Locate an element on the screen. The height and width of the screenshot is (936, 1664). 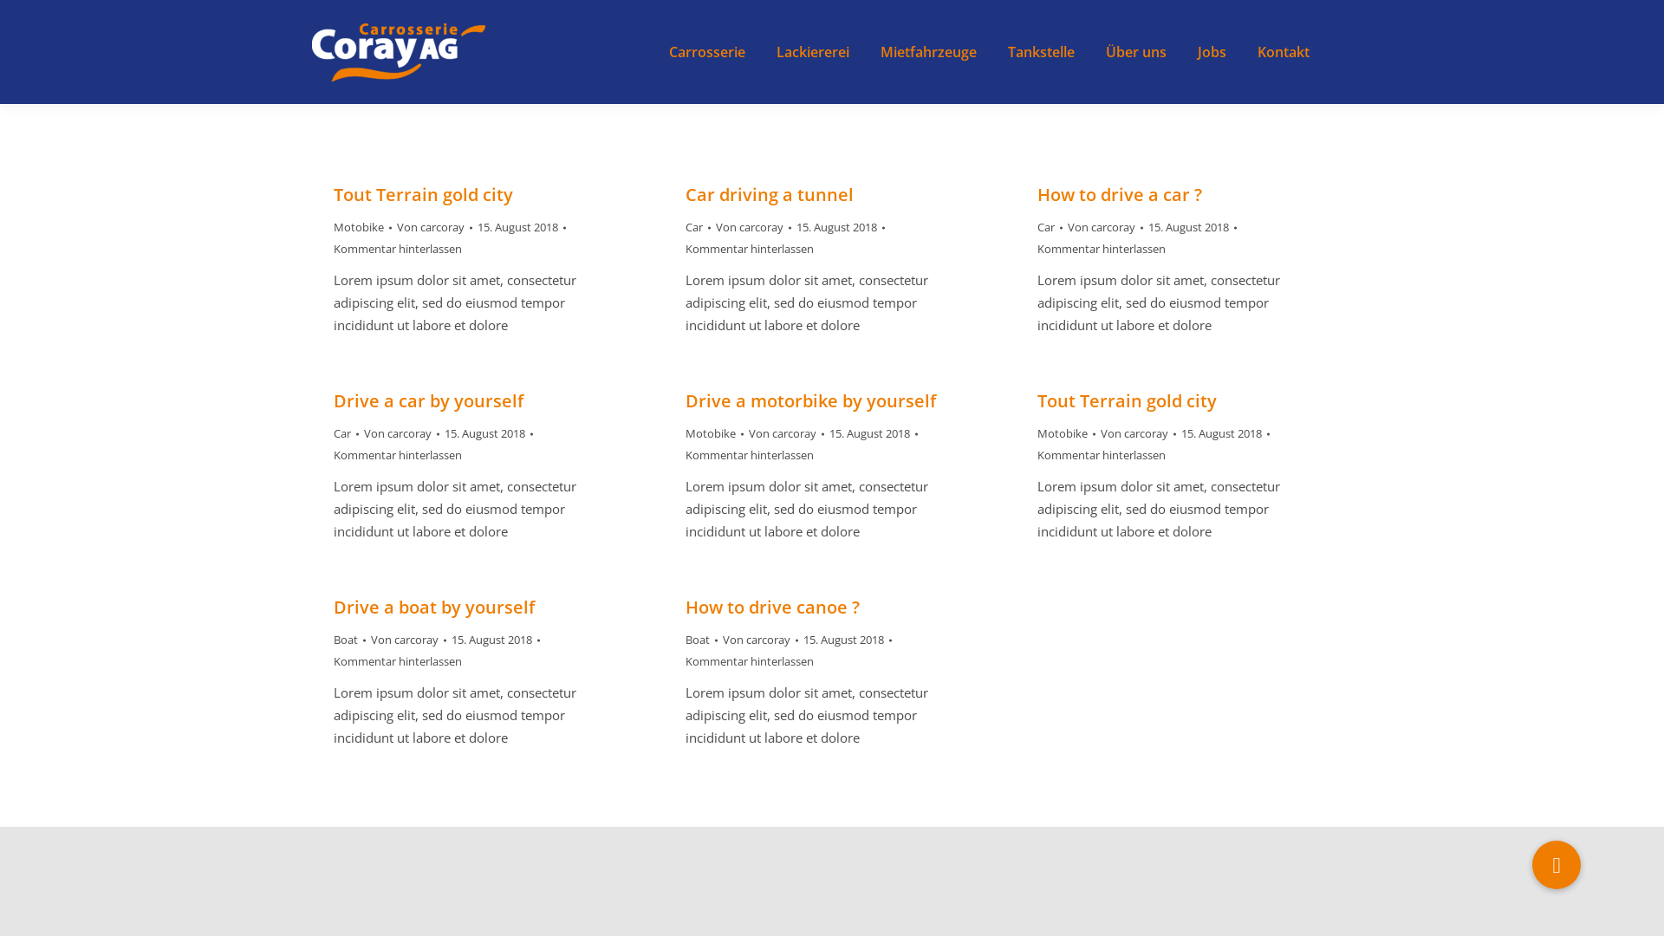
'Jobs' is located at coordinates (1211, 51).